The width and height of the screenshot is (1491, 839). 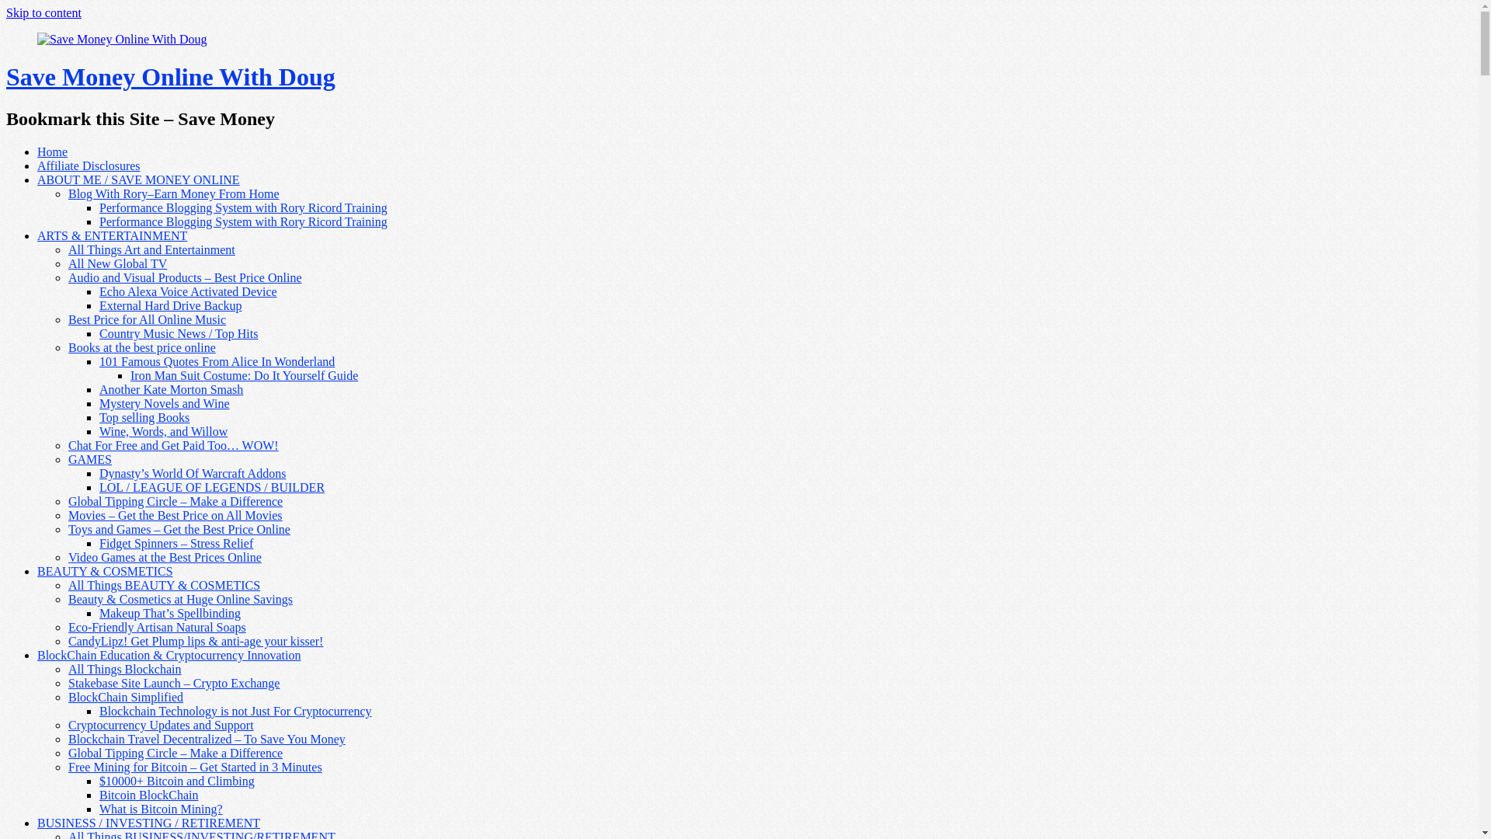 What do you see at coordinates (171, 77) in the screenshot?
I see `'Save Money Online With Doug'` at bounding box center [171, 77].